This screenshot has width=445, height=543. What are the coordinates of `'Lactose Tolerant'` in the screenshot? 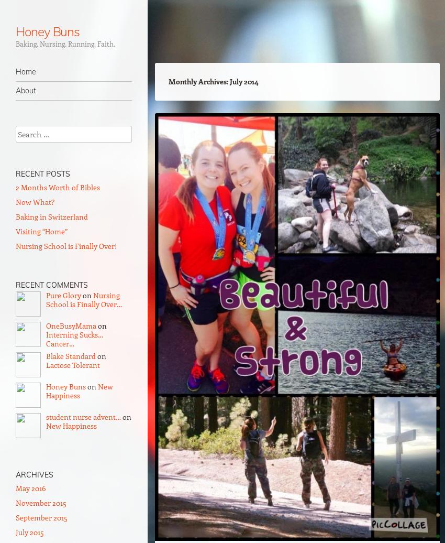 It's located at (73, 364).